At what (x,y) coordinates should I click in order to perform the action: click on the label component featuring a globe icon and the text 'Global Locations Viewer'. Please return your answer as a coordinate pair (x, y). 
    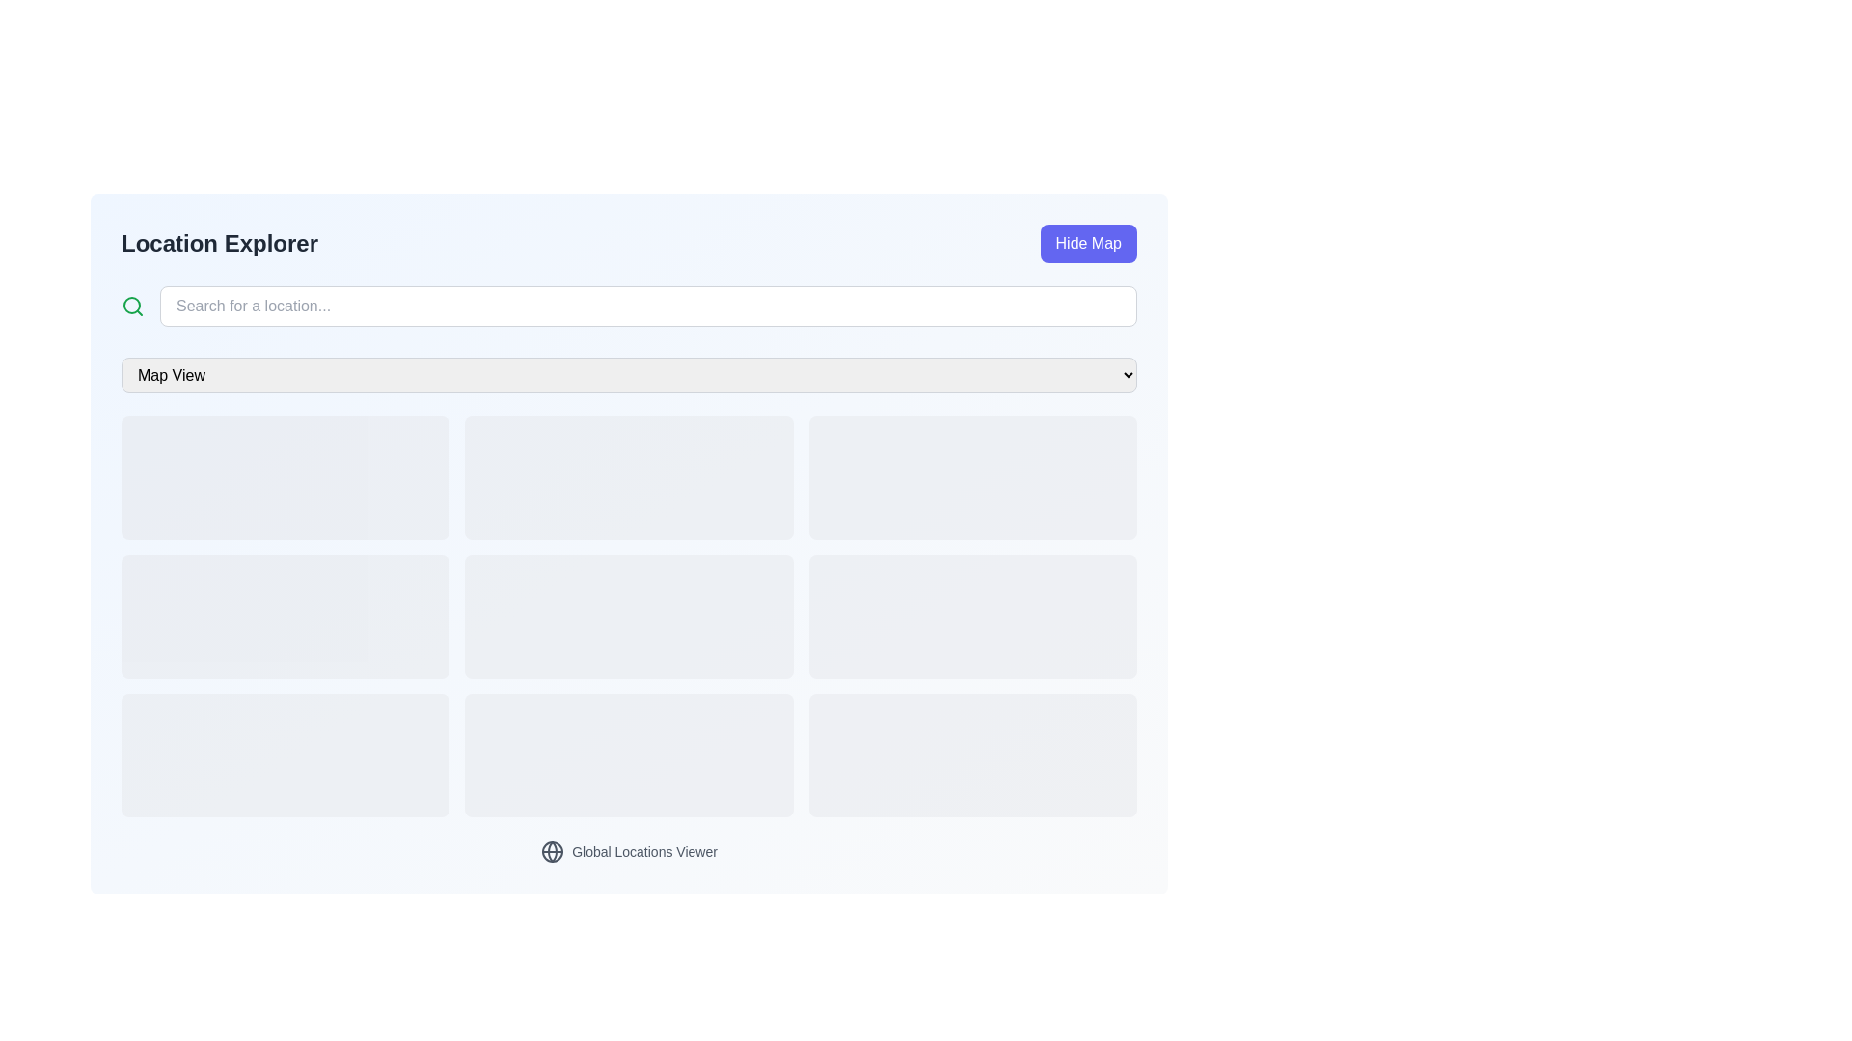
    Looking at the image, I should click on (629, 850).